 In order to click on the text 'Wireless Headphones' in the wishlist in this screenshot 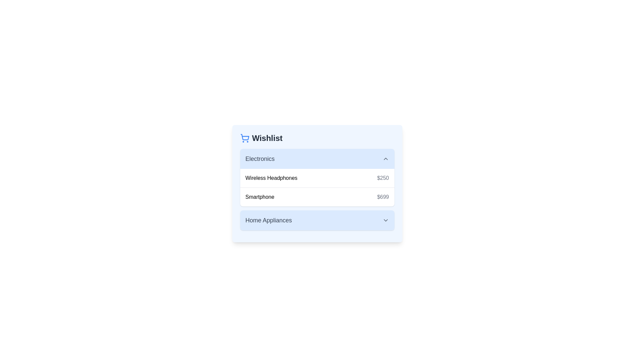, I will do `click(245, 174)`.